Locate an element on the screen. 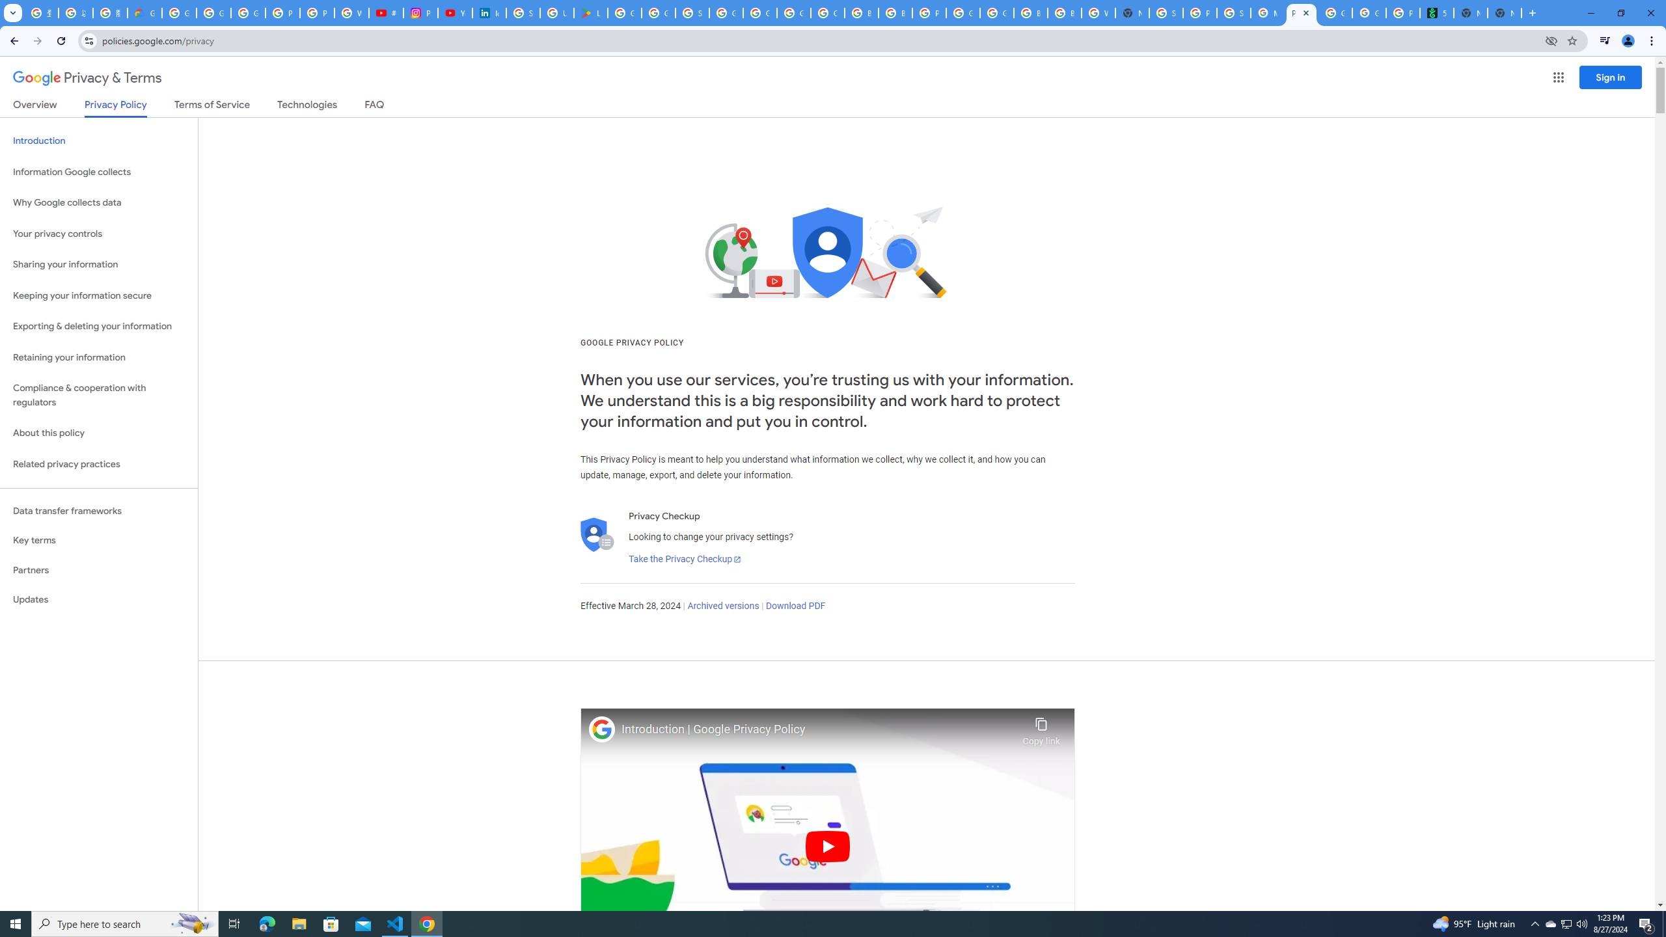 This screenshot has height=937, width=1666. 'Google Cloud Platform' is located at coordinates (963, 12).